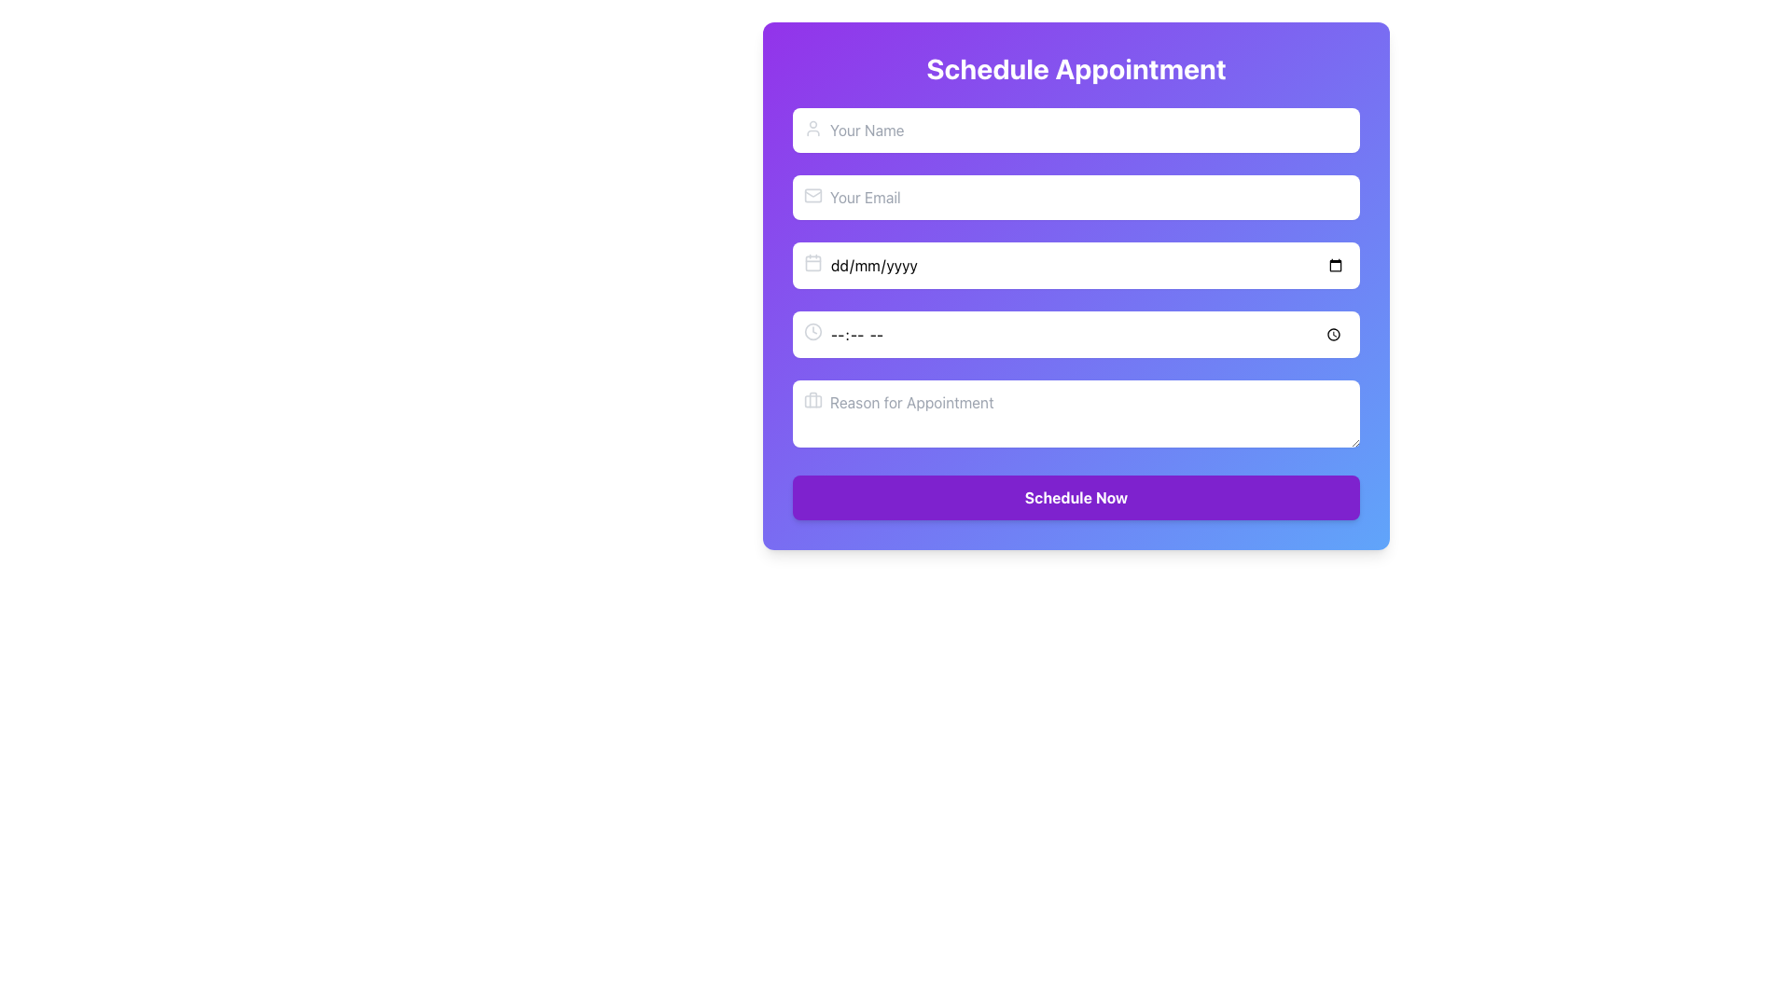 Image resolution: width=1791 pixels, height=1007 pixels. Describe the element at coordinates (813, 399) in the screenshot. I see `the decorative rectangular element with rounded corners that is part of the briefcase icon within the SVG` at that location.